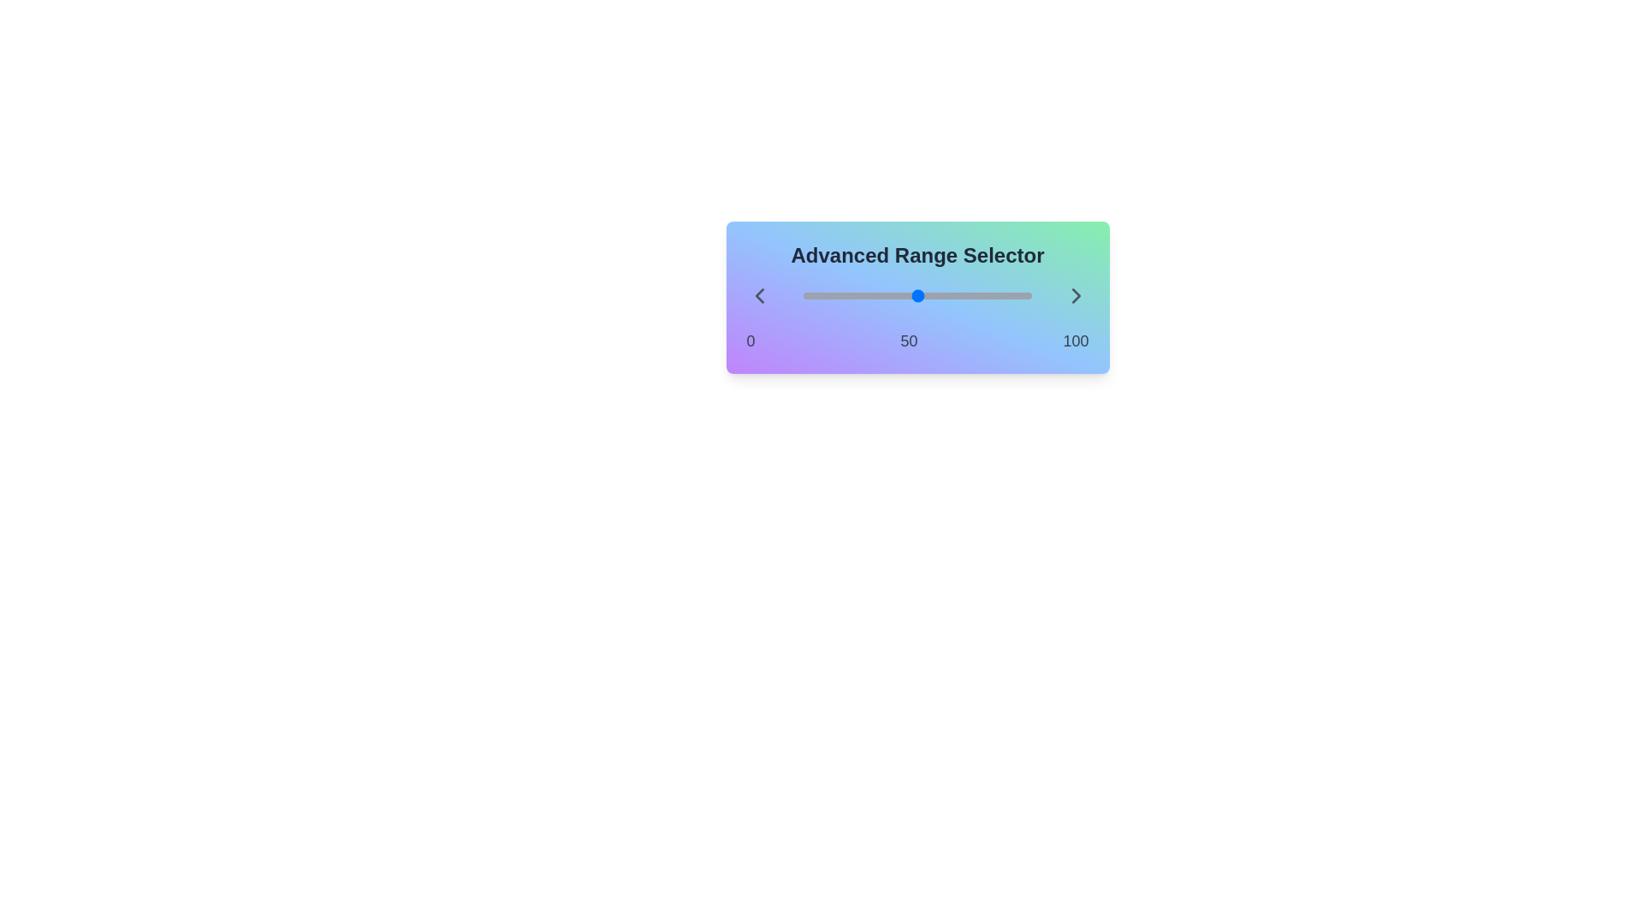 This screenshot has width=1643, height=924. What do you see at coordinates (803, 295) in the screenshot?
I see `the slider to set the range value to 56` at bounding box center [803, 295].